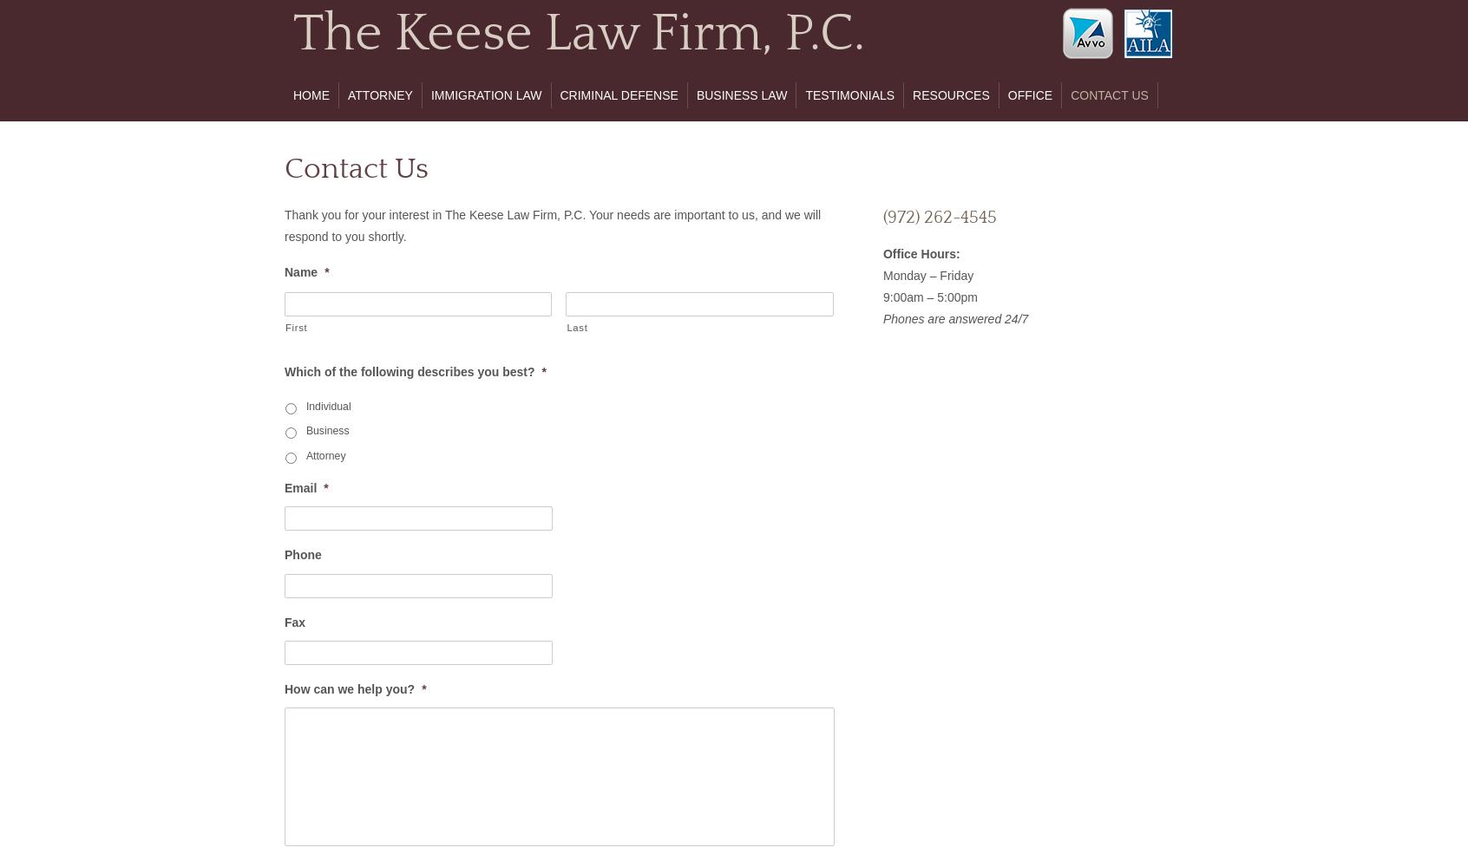 Image resolution: width=1468 pixels, height=867 pixels. Describe the element at coordinates (293, 621) in the screenshot. I see `'Fax'` at that location.